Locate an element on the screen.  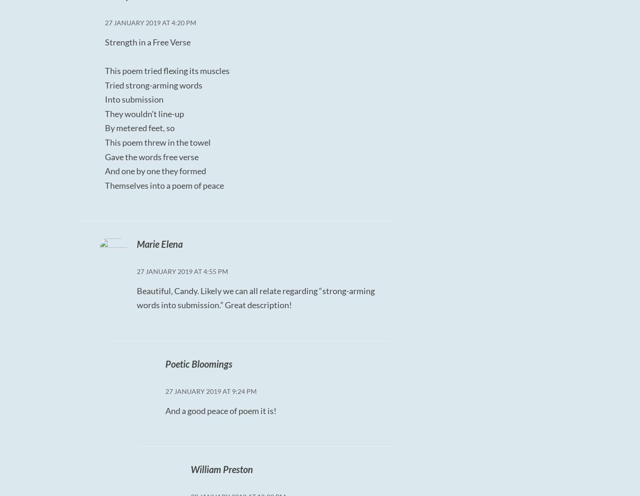
'Gave the words free verse' is located at coordinates (152, 156).